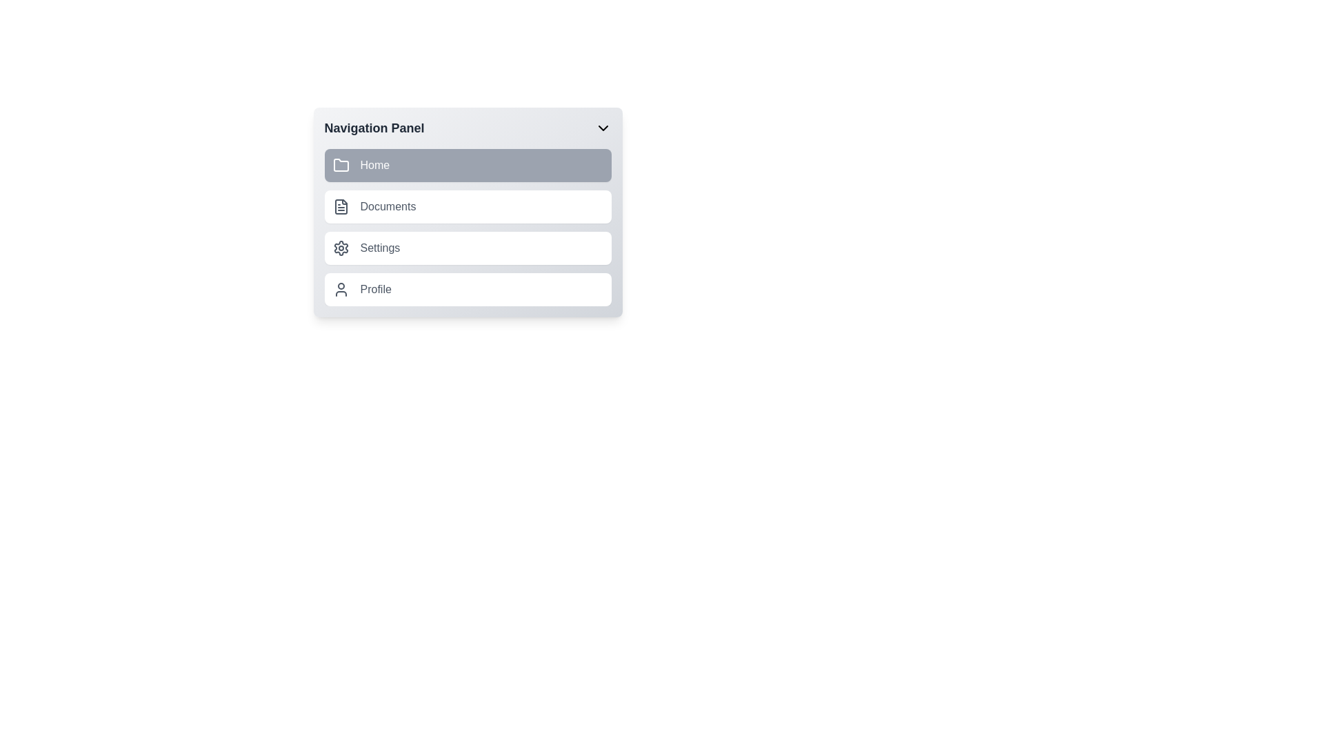 The width and height of the screenshot is (1324, 745). What do you see at coordinates (380, 247) in the screenshot?
I see `text of the third item in the vertically stacked navigation menu, which indicates a navigation option for accessing settings or configuration options` at bounding box center [380, 247].